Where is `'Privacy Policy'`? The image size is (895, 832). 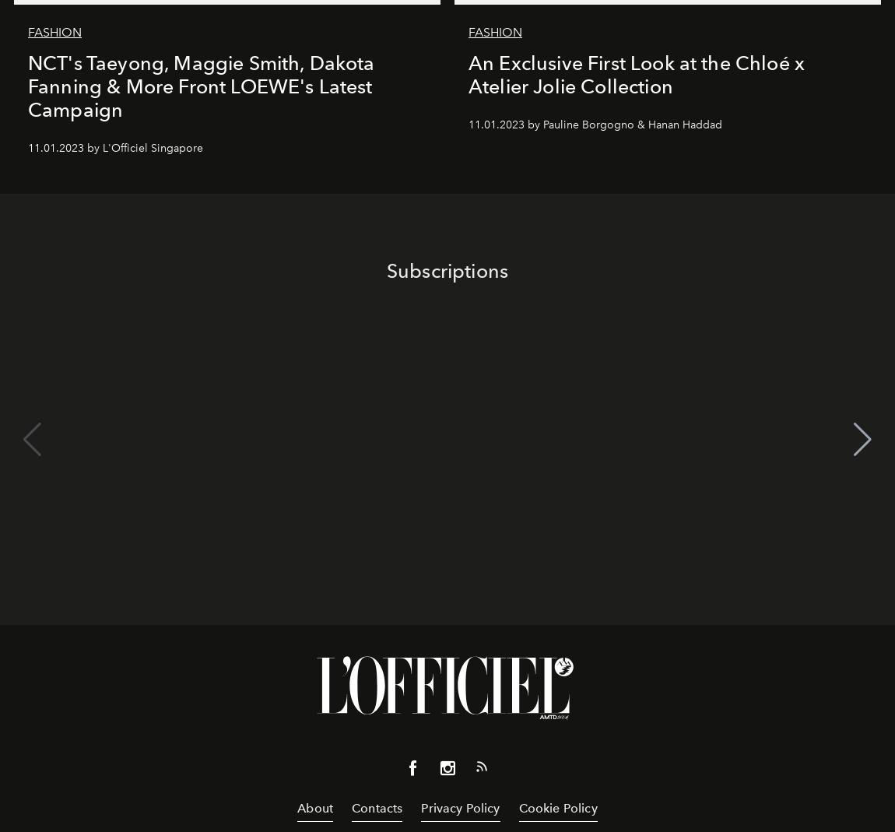 'Privacy Policy' is located at coordinates (420, 808).